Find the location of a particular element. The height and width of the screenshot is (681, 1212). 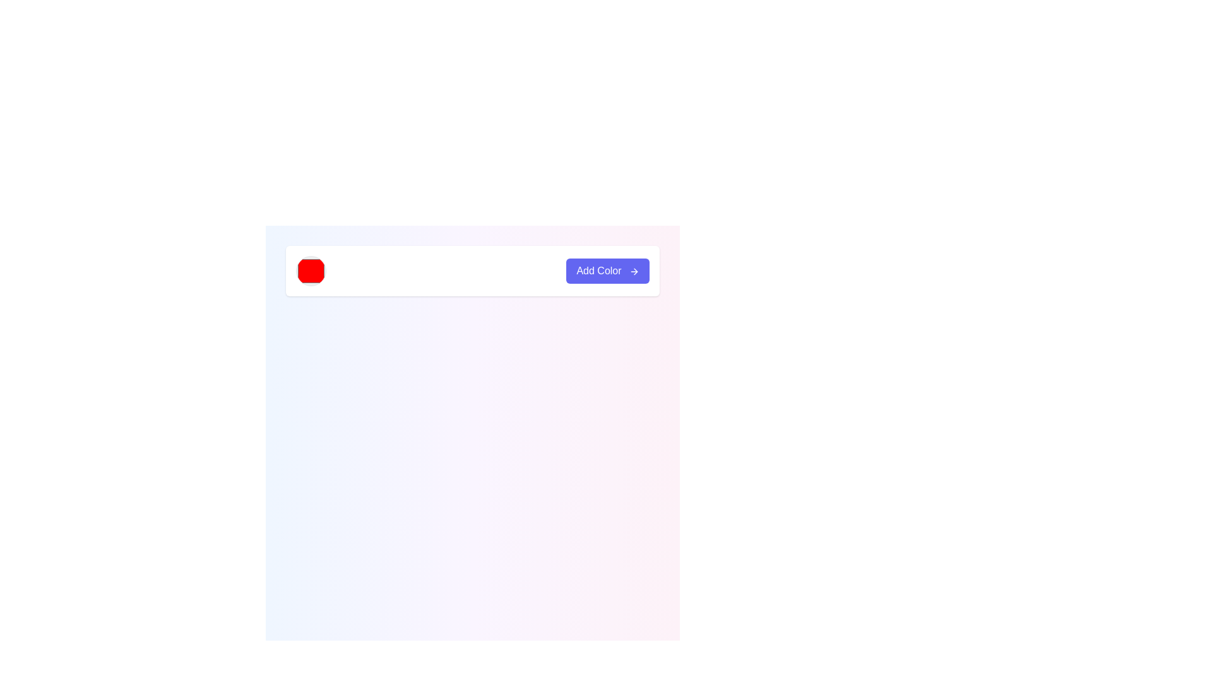

the forward arrow icon located inside the 'Add Color' button at the top-right corner of the interface is located at coordinates (634, 270).